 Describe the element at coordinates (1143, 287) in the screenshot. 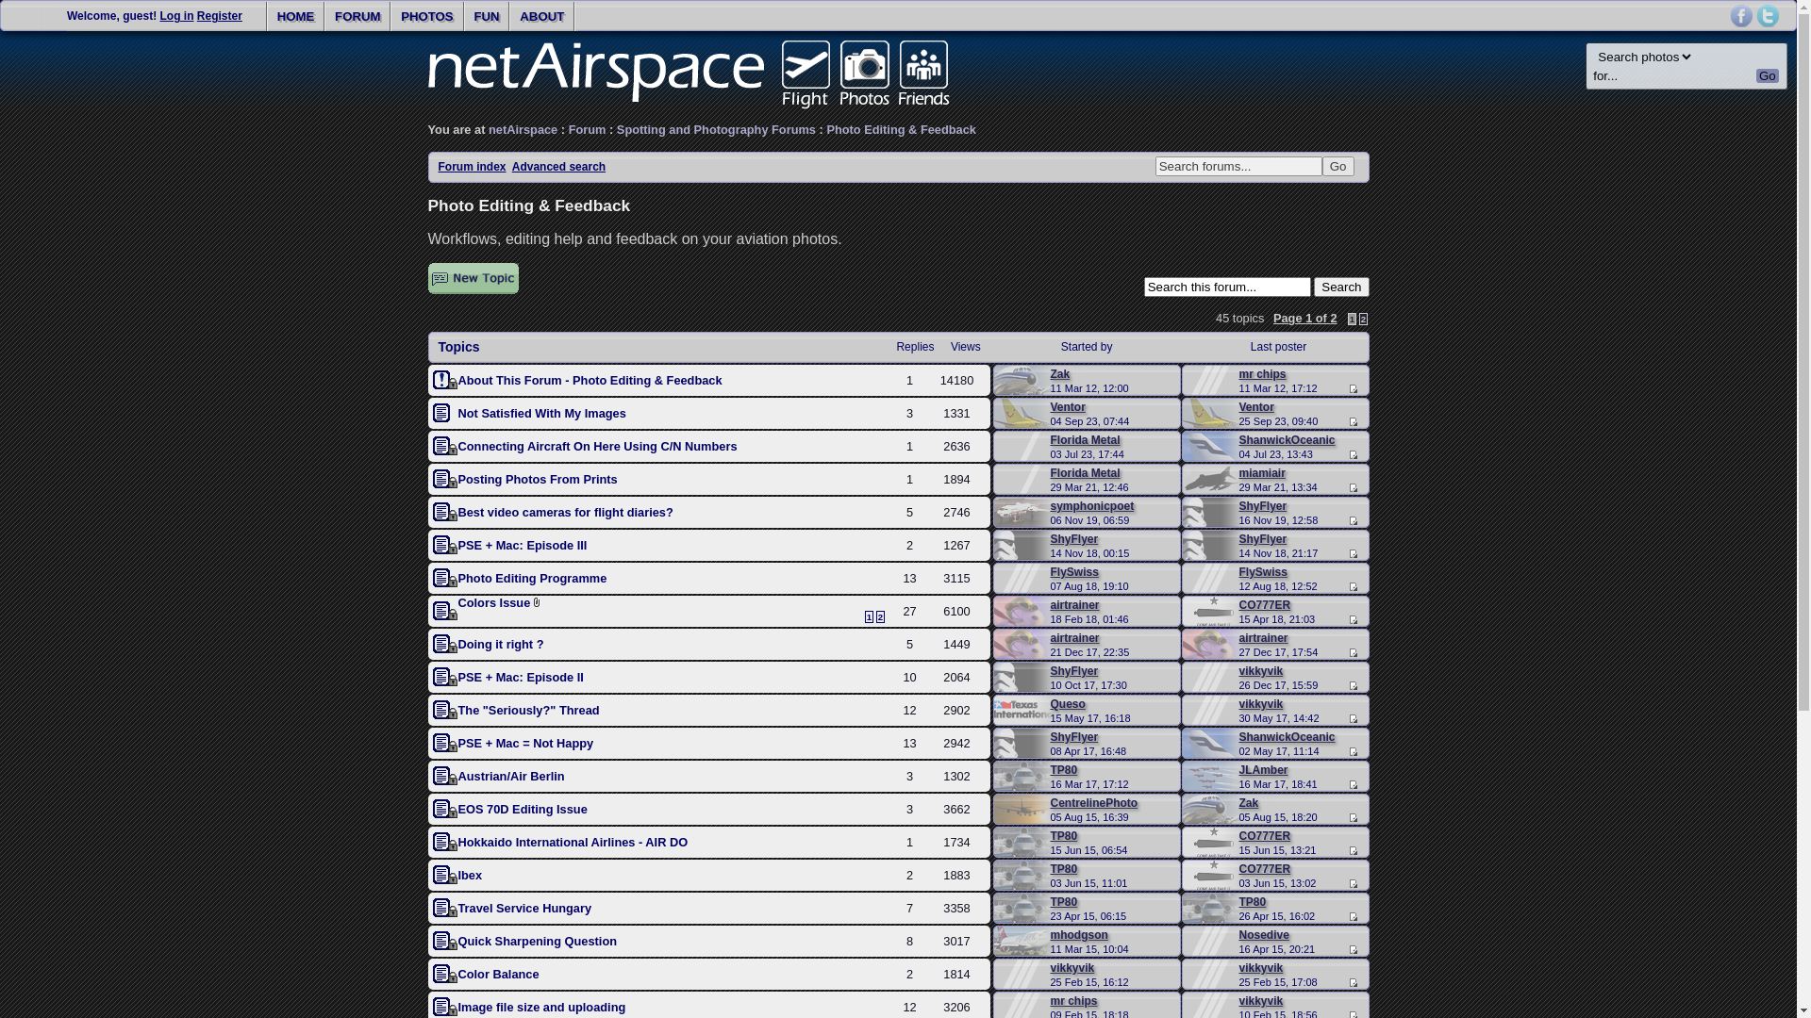

I see `'Search this forum...'` at that location.